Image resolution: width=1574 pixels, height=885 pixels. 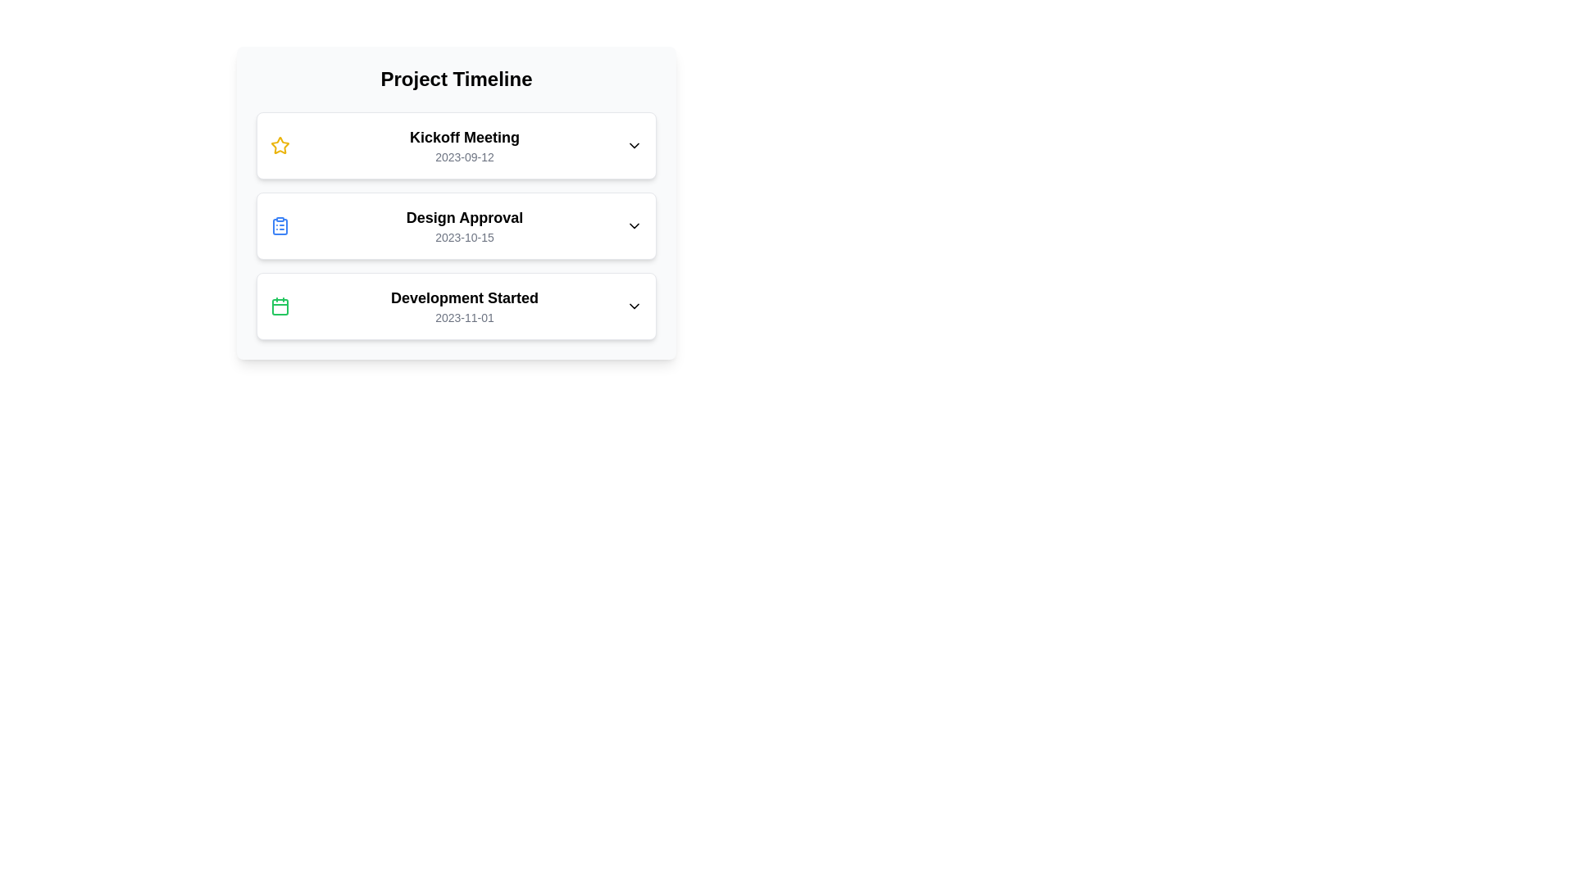 What do you see at coordinates (463, 144) in the screenshot?
I see `to select the 'Kickoff Meeting' timeline card, which indicates the milestone along with its date '2023-09-12'. This card is the first item in the vertical list under the 'Project Timeline' header` at bounding box center [463, 144].